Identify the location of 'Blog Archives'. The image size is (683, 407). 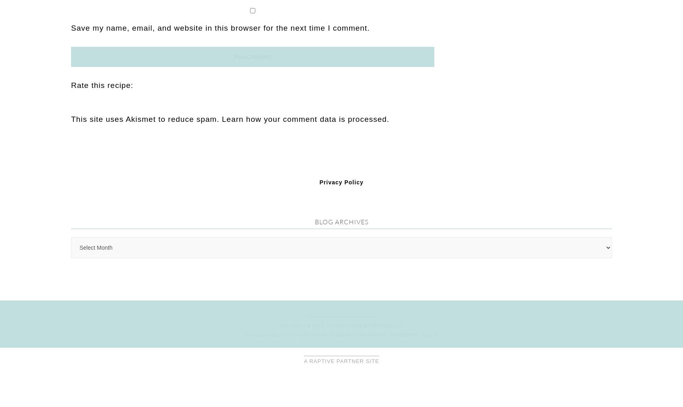
(341, 41).